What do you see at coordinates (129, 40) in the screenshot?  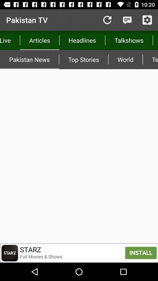 I see `the talkshows item` at bounding box center [129, 40].